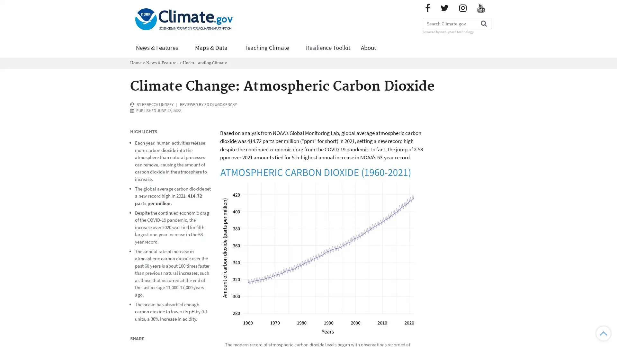  What do you see at coordinates (484, 23) in the screenshot?
I see `Search` at bounding box center [484, 23].